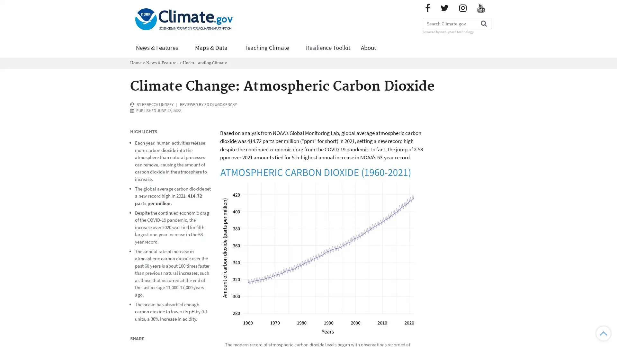  What do you see at coordinates (484, 23) in the screenshot?
I see `Search` at bounding box center [484, 23].